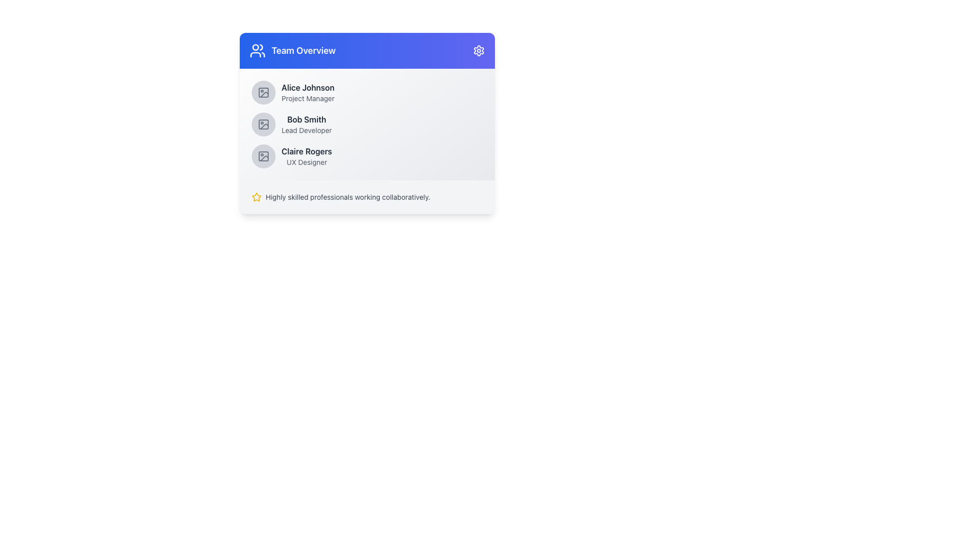  What do you see at coordinates (306, 130) in the screenshot?
I see `the text label that signifies the role or position associated with 'Bob Smith', located below the name in a three-item list` at bounding box center [306, 130].